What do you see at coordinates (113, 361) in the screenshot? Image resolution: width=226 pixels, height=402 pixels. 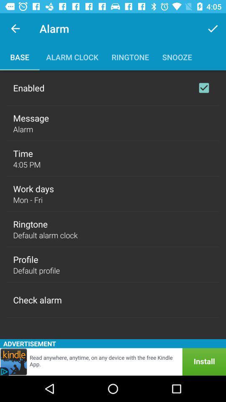 I see `advertisement landing page` at bounding box center [113, 361].